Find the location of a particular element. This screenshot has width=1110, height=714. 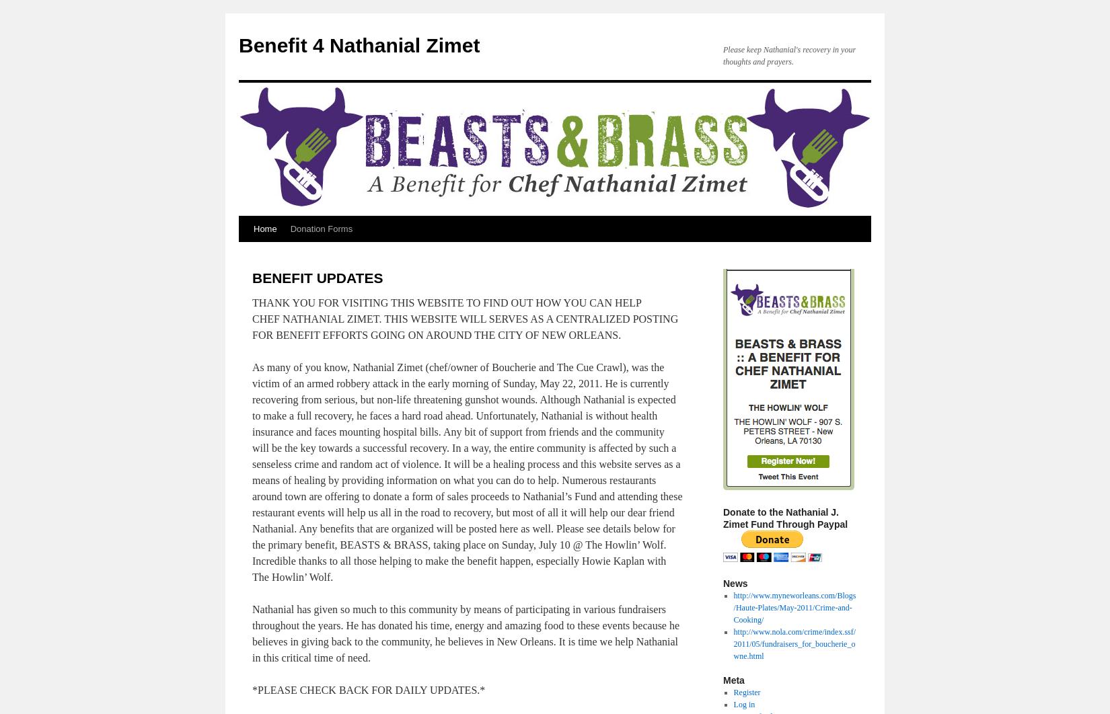

'News' is located at coordinates (735, 582).